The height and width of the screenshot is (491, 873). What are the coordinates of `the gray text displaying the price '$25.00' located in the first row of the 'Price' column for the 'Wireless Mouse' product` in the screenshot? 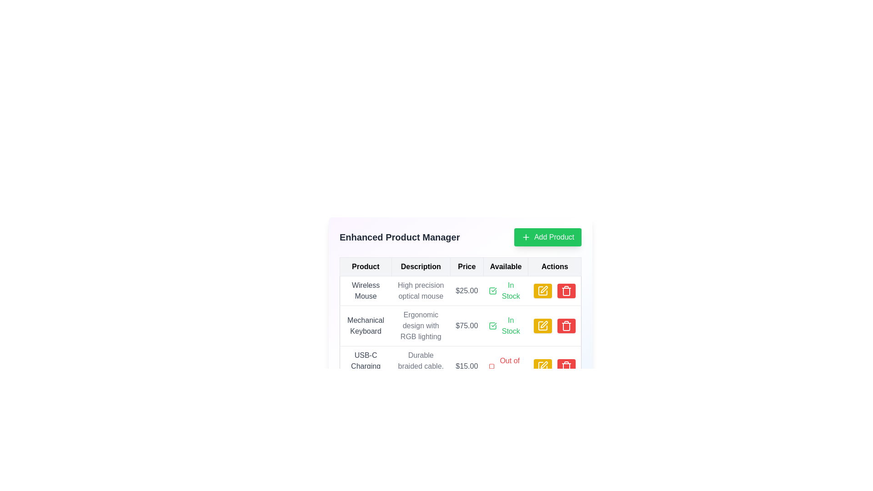 It's located at (467, 291).